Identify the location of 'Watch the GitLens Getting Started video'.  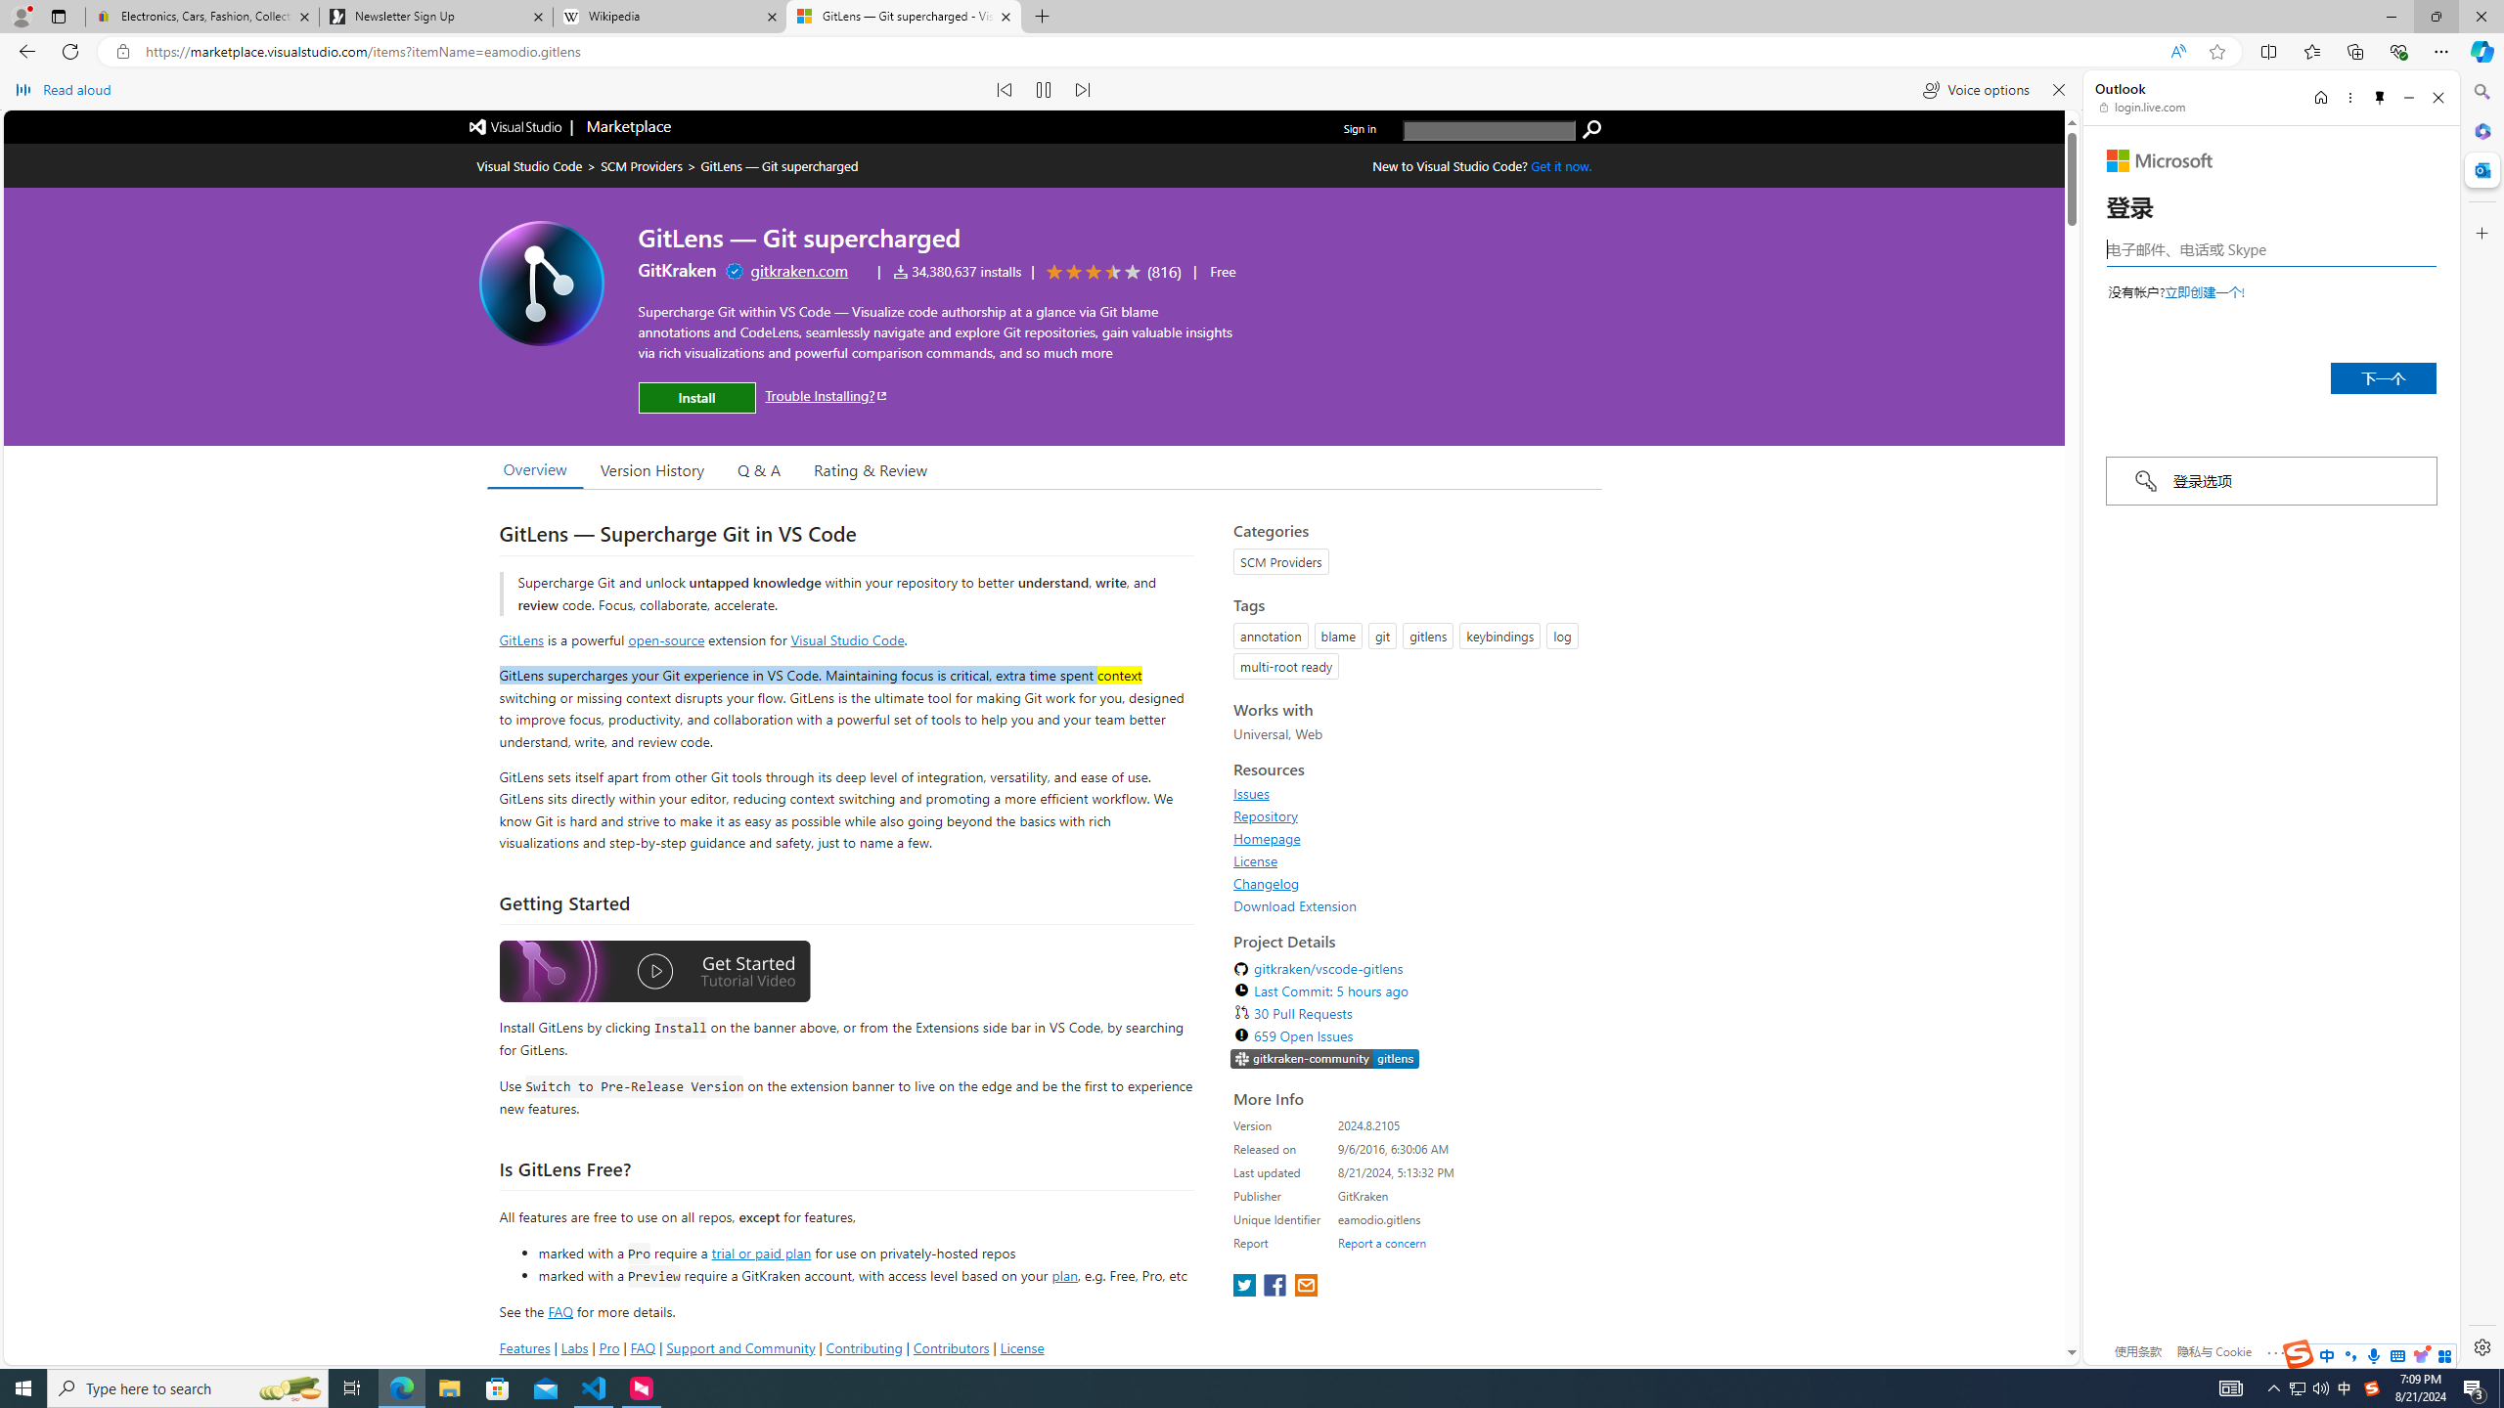
(653, 973).